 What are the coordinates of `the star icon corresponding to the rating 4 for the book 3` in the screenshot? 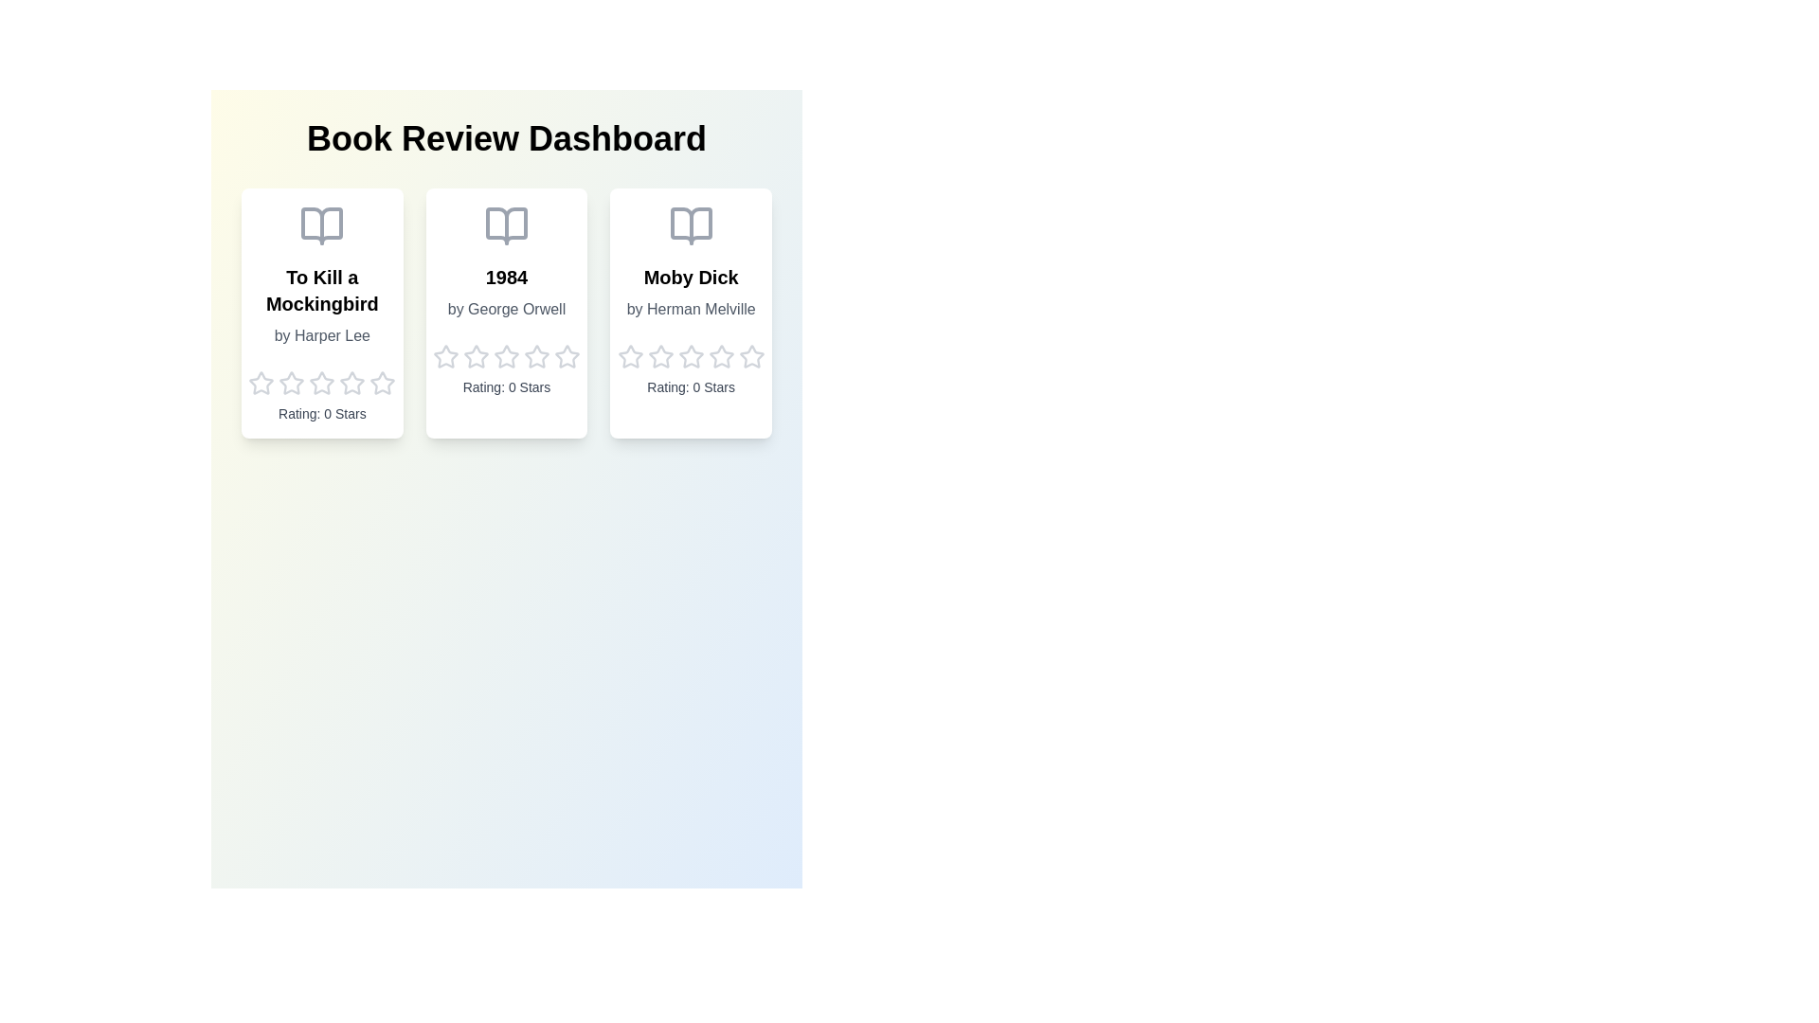 It's located at (720, 357).